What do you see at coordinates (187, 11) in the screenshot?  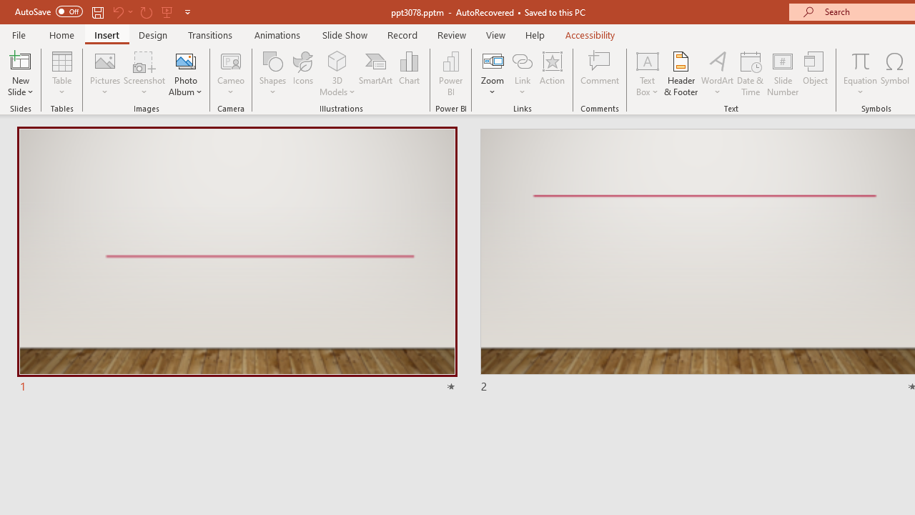 I see `'Customize Quick Access Toolbar'` at bounding box center [187, 11].